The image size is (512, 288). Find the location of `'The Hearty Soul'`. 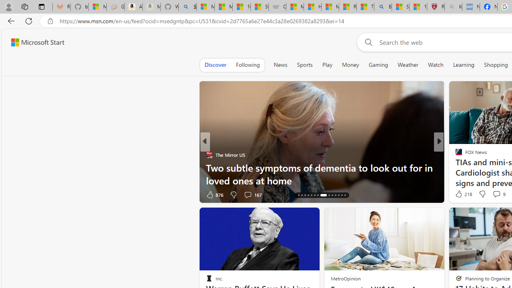

'The Hearty Soul' is located at coordinates (455, 155).